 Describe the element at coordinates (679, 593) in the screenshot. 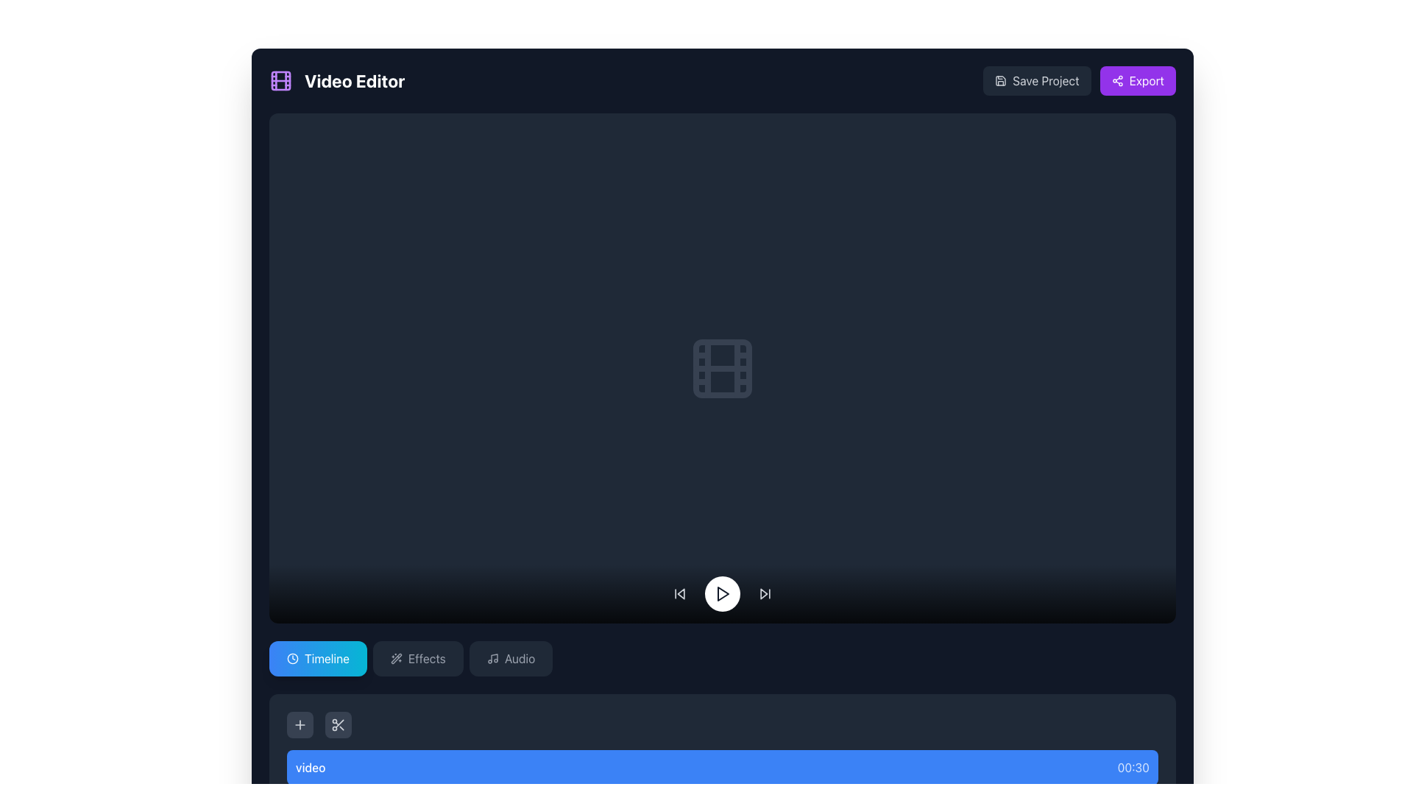

I see `the backward skip button, which is the first button in the row of media control buttons at the bottom center of the interface` at that location.